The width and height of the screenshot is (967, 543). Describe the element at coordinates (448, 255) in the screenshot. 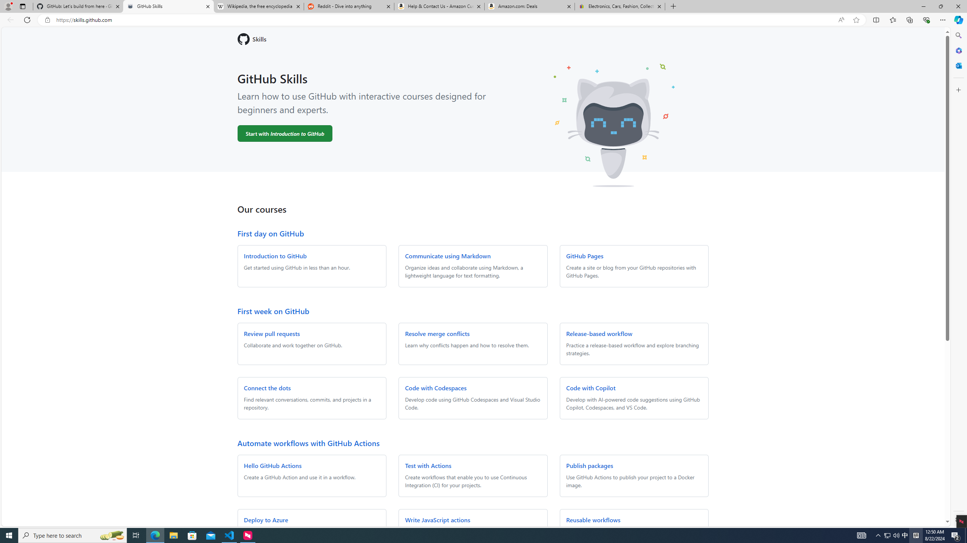

I see `'Communicate using Markdown'` at that location.